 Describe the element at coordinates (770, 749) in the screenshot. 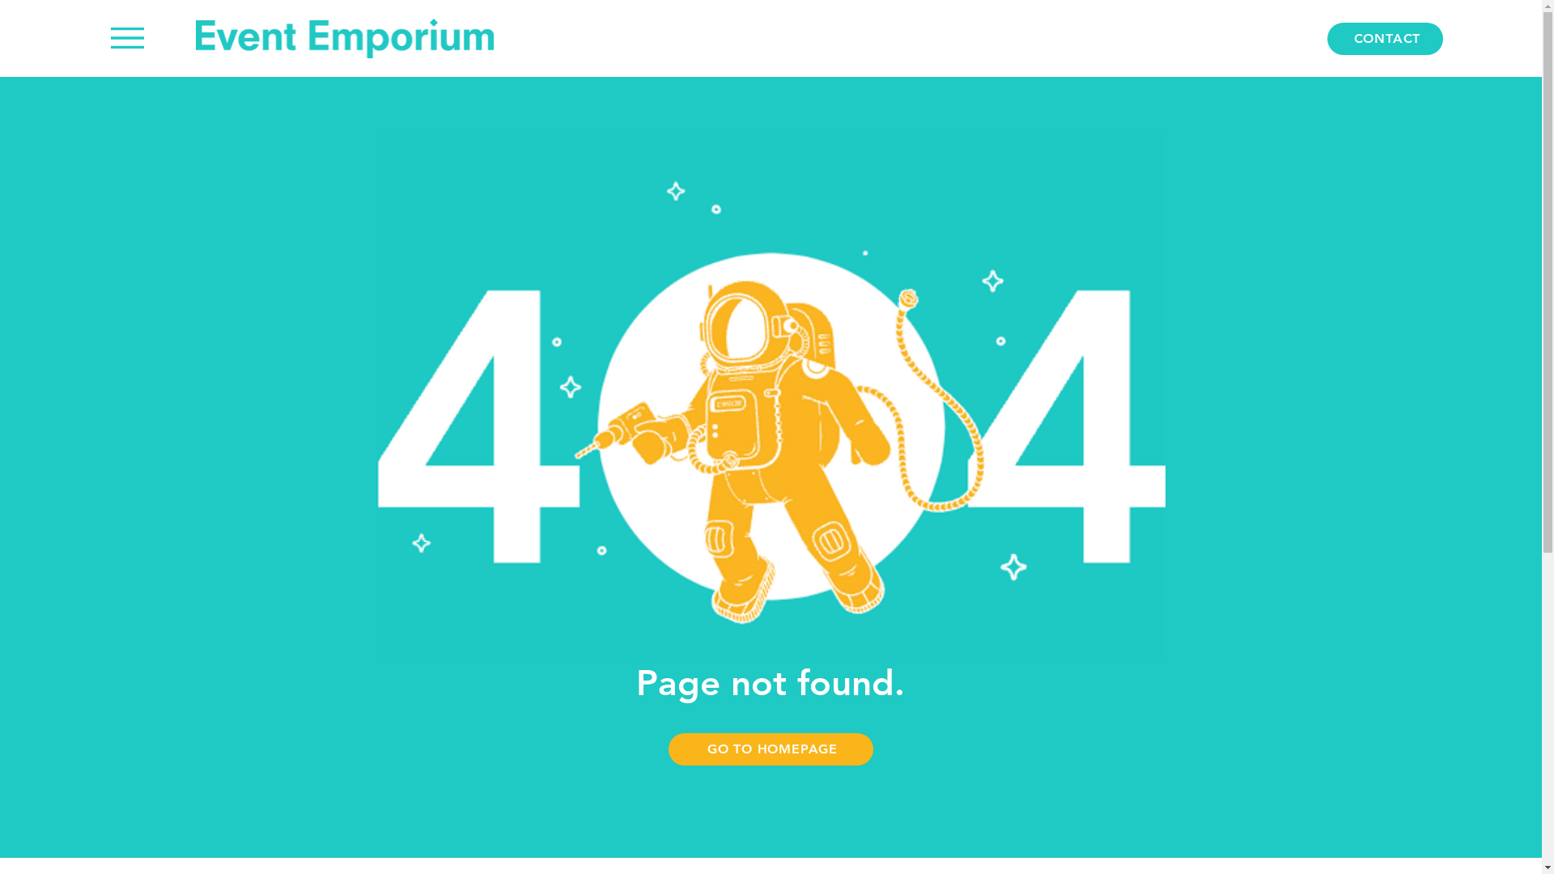

I see `'GO TO HOMEPAGE'` at that location.